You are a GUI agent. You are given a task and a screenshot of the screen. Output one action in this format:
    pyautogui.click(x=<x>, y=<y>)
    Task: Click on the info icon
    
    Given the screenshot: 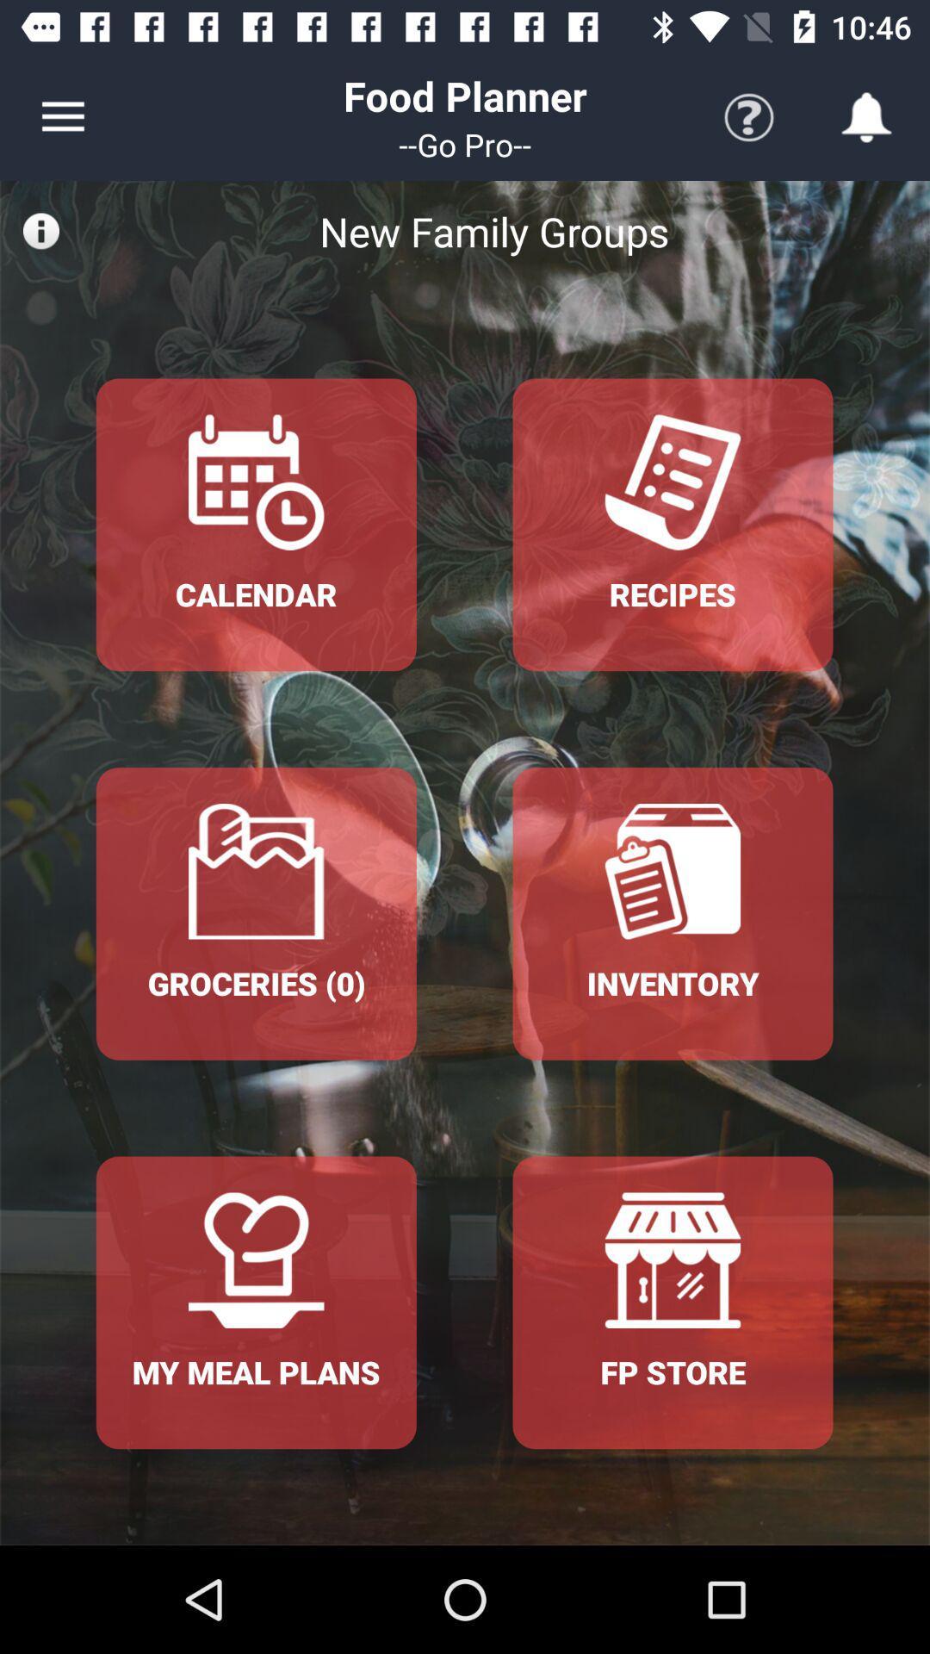 What is the action you would take?
    pyautogui.click(x=40, y=230)
    